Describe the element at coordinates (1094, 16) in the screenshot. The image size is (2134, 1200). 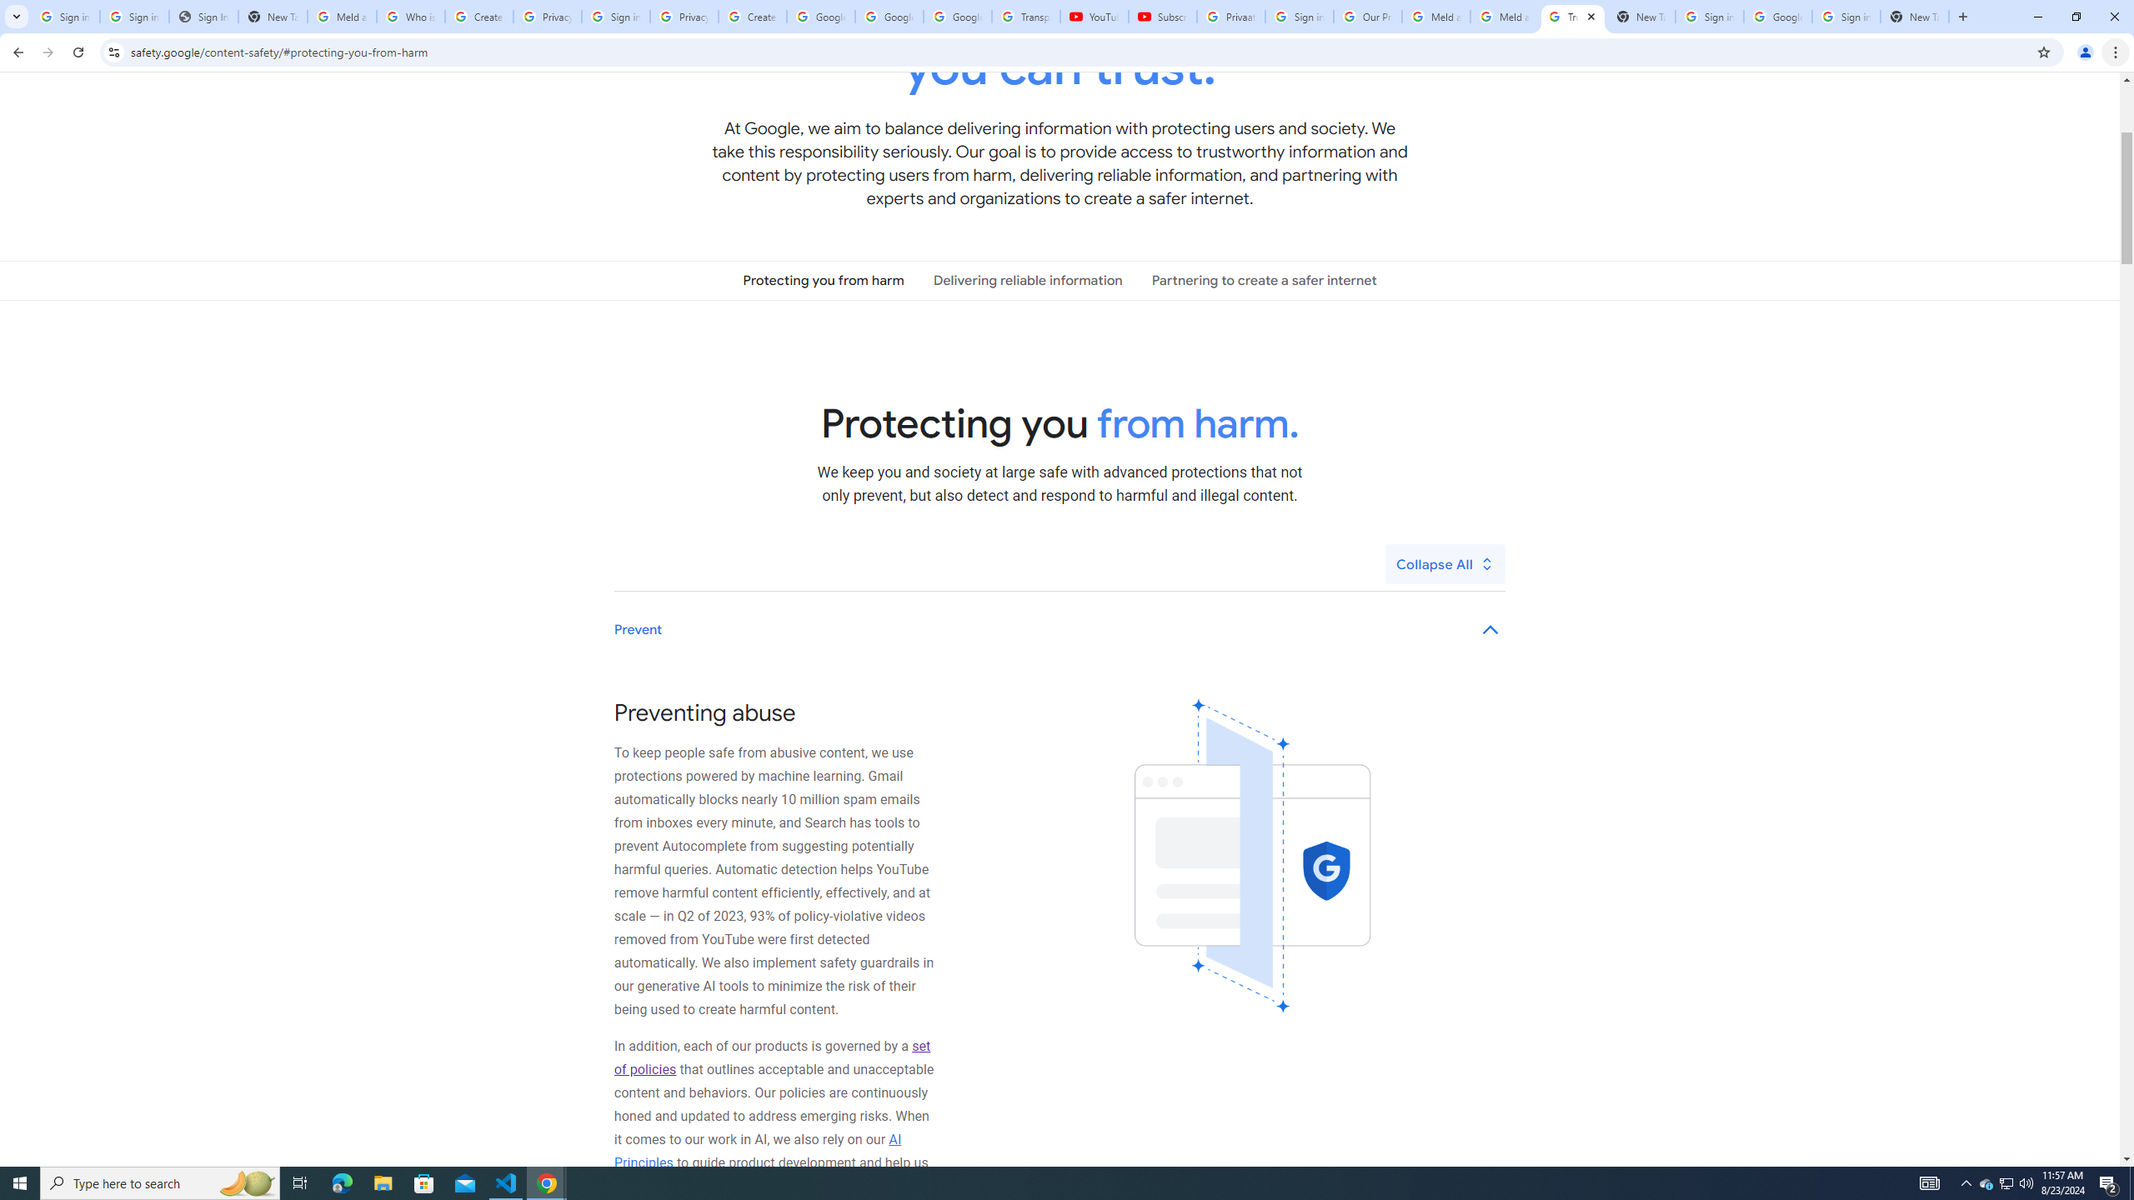
I see `'YouTube'` at that location.